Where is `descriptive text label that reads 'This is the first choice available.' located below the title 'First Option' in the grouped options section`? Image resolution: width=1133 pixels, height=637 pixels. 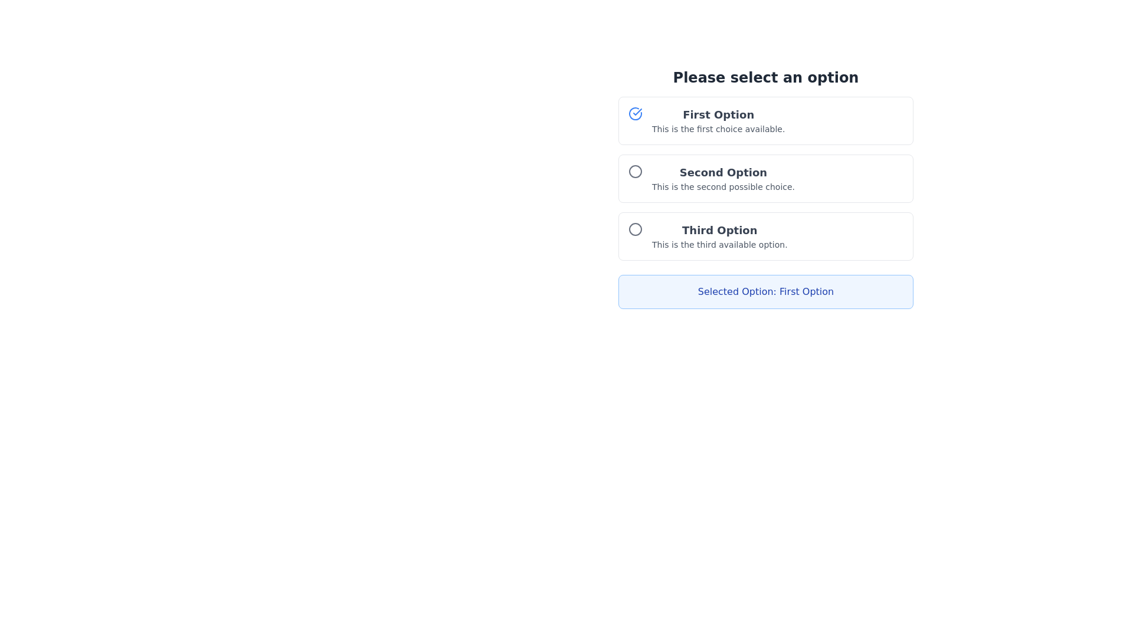 descriptive text label that reads 'This is the first choice available.' located below the title 'First Option' in the grouped options section is located at coordinates (718, 129).